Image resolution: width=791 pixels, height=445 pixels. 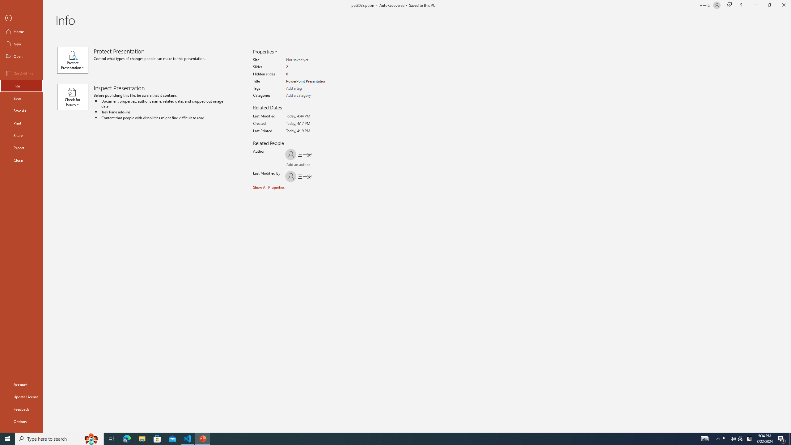 I want to click on 'Size', so click(x=310, y=60).